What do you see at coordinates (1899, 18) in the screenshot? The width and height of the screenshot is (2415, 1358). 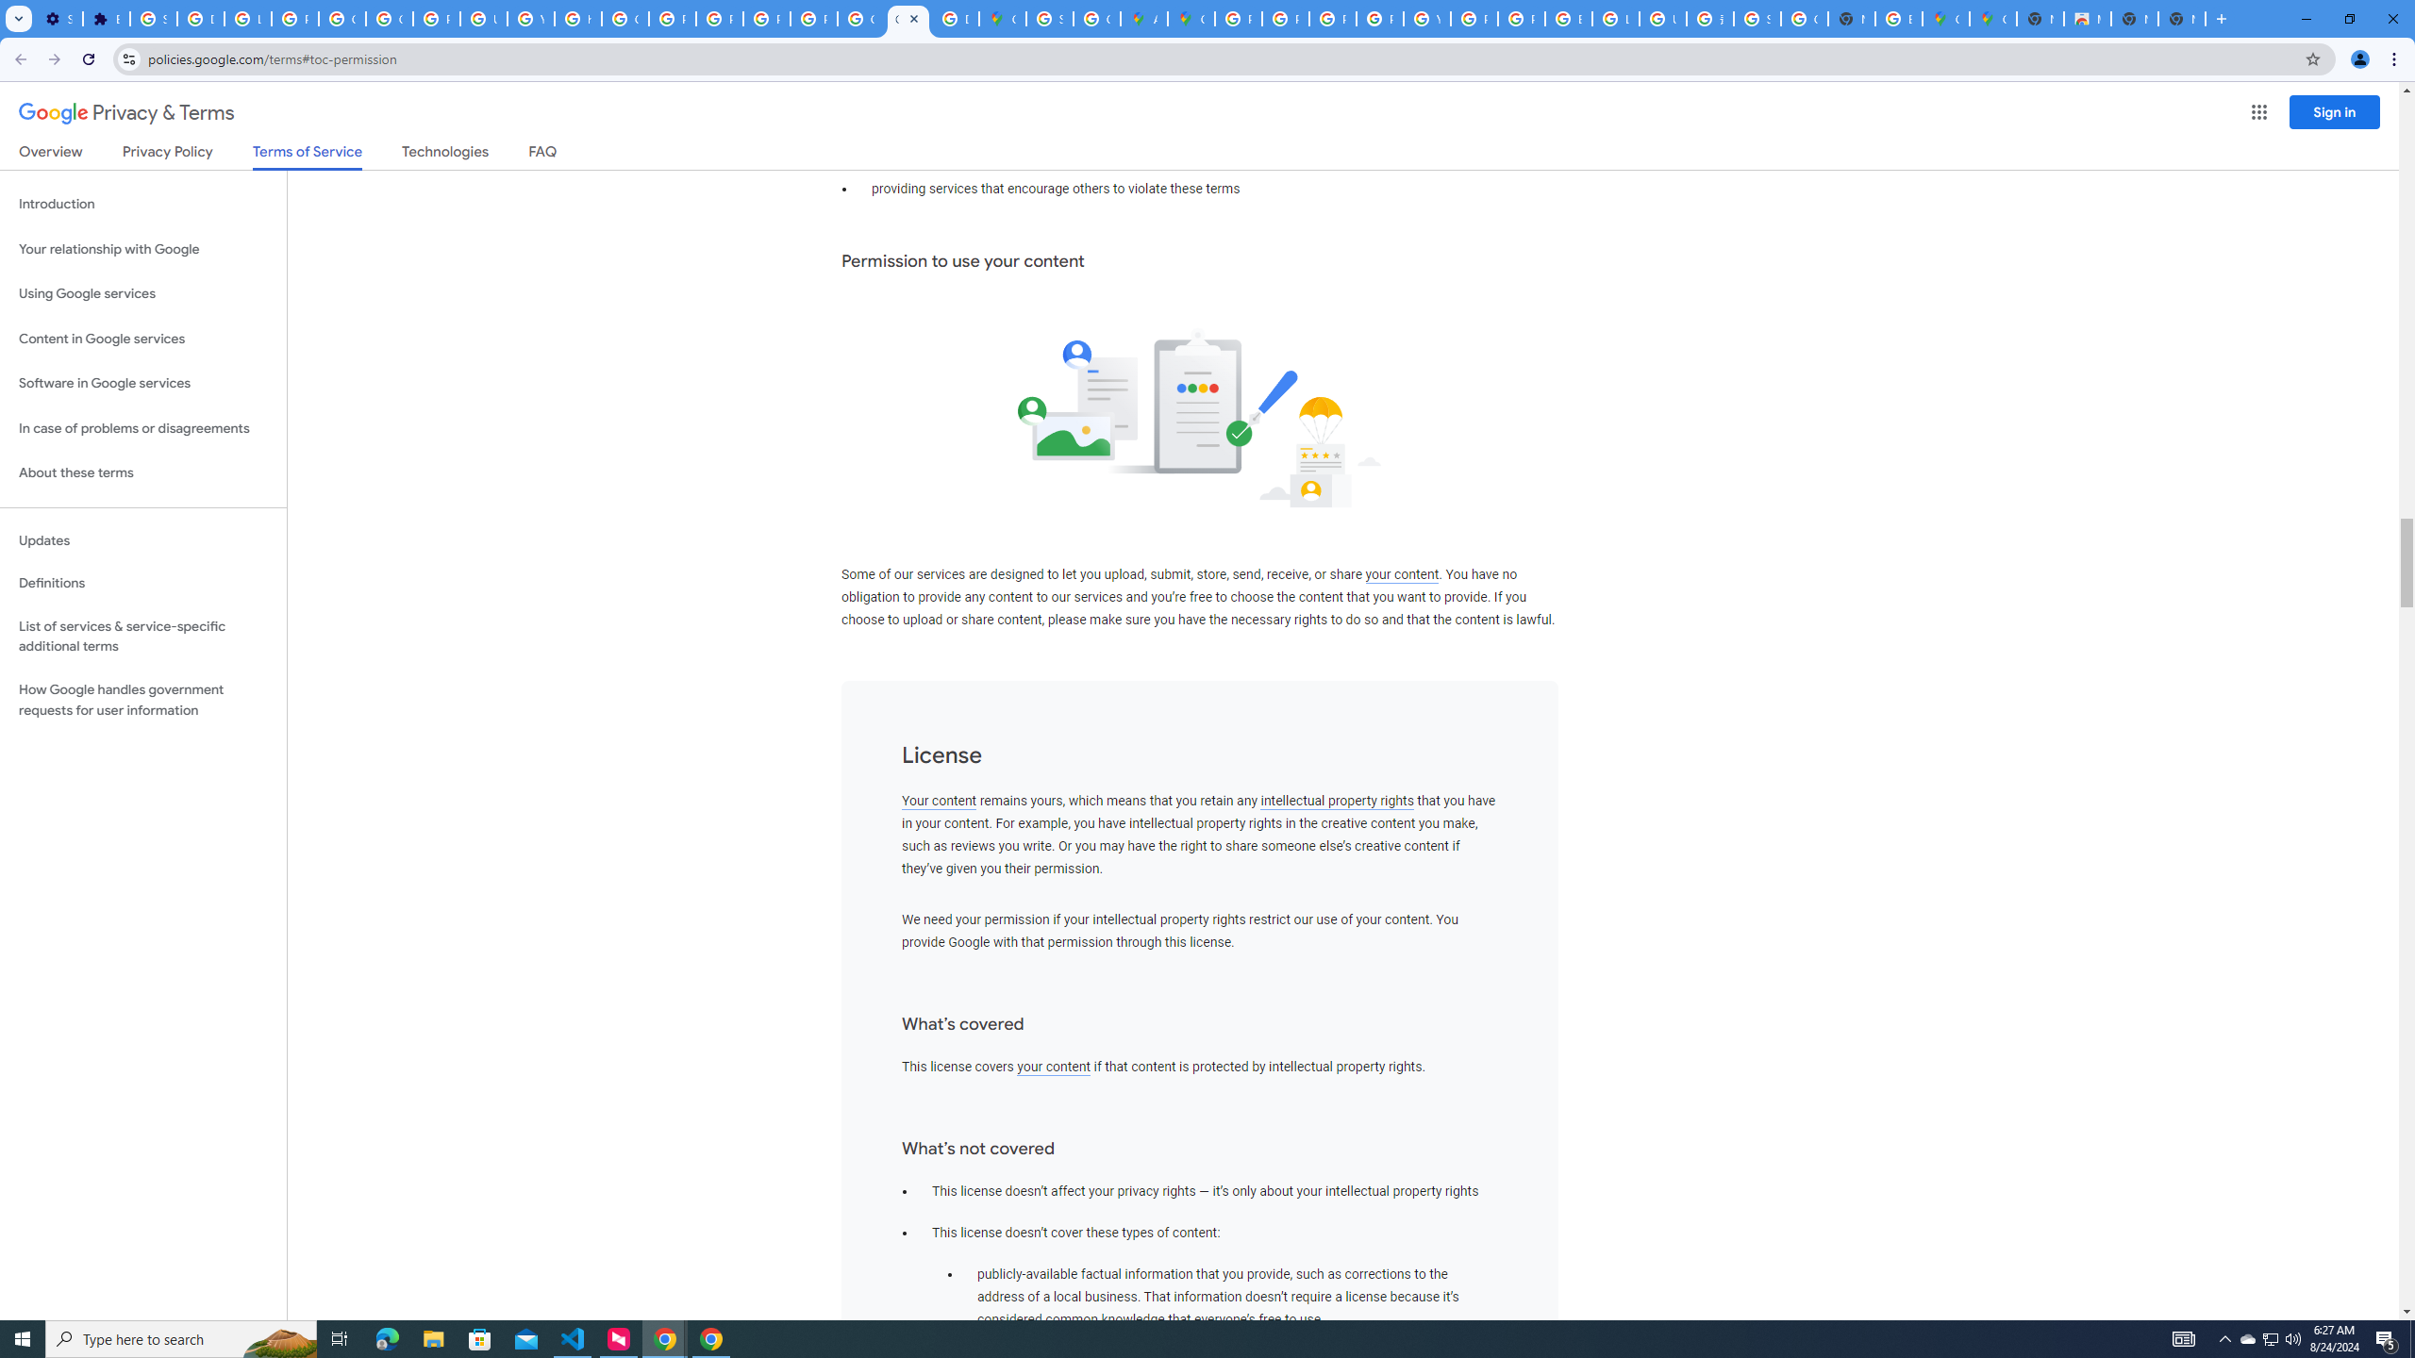 I see `'Explore new street-level details - Google Maps Help'` at bounding box center [1899, 18].